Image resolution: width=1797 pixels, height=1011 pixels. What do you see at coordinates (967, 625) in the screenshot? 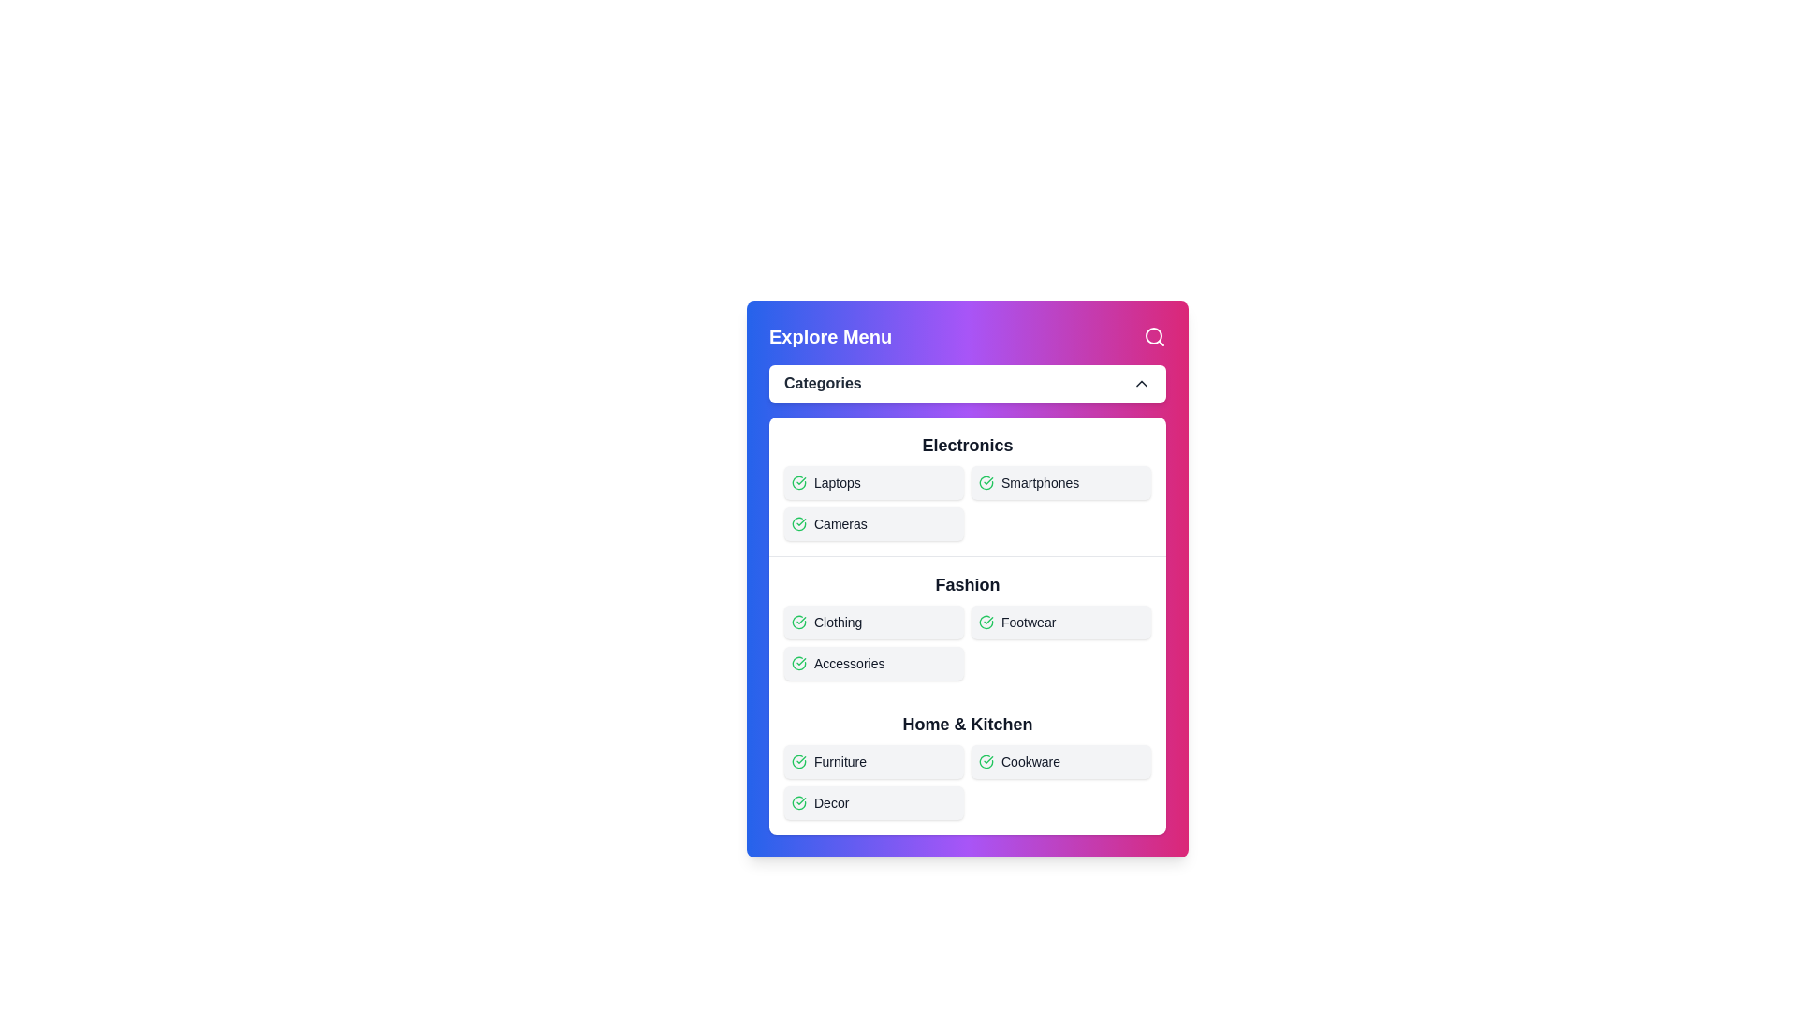
I see `the Fashion category section in the menu` at bounding box center [967, 625].